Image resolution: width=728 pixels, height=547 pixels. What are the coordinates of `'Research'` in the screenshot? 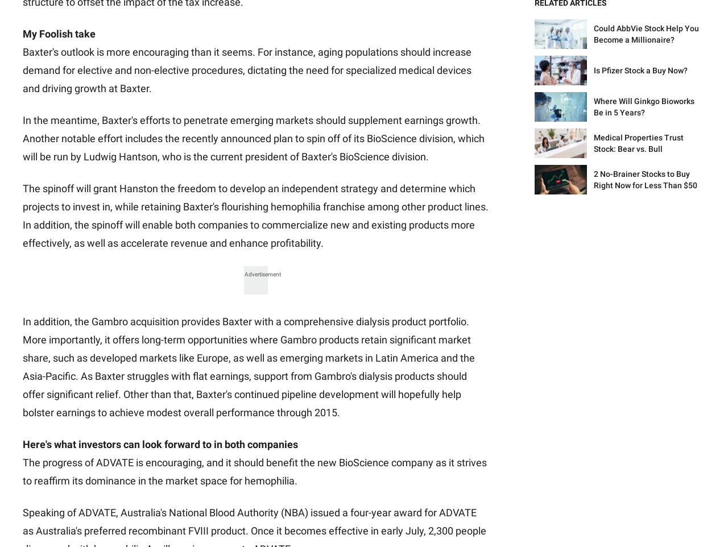 It's located at (190, 241).